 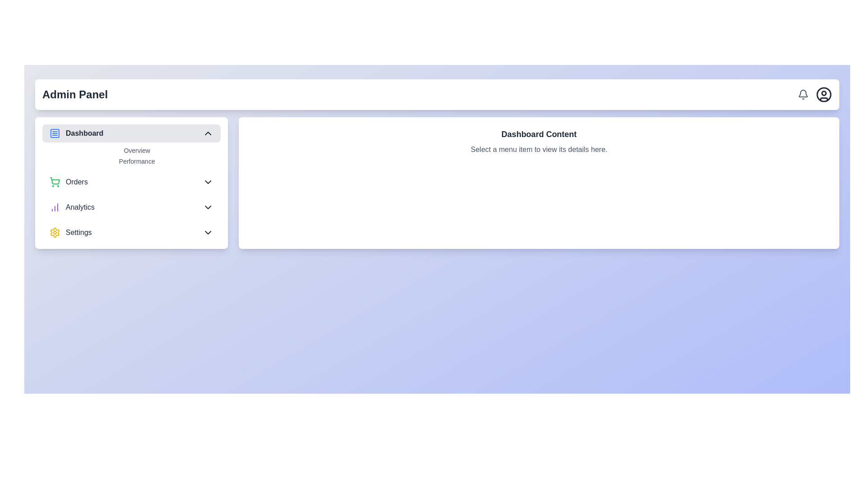 What do you see at coordinates (208, 133) in the screenshot?
I see `the chevron icon button located at the far right of the 'Dashboard' section header in the left-hand sidebar` at bounding box center [208, 133].